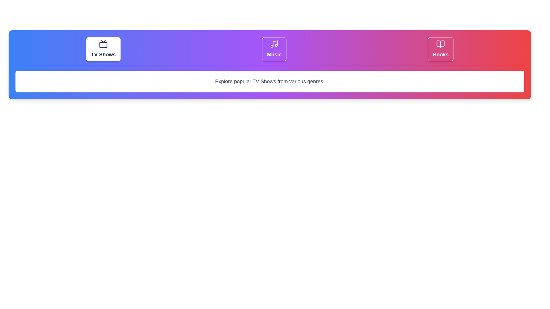 The height and width of the screenshot is (309, 550). What do you see at coordinates (274, 49) in the screenshot?
I see `the Music tab` at bounding box center [274, 49].